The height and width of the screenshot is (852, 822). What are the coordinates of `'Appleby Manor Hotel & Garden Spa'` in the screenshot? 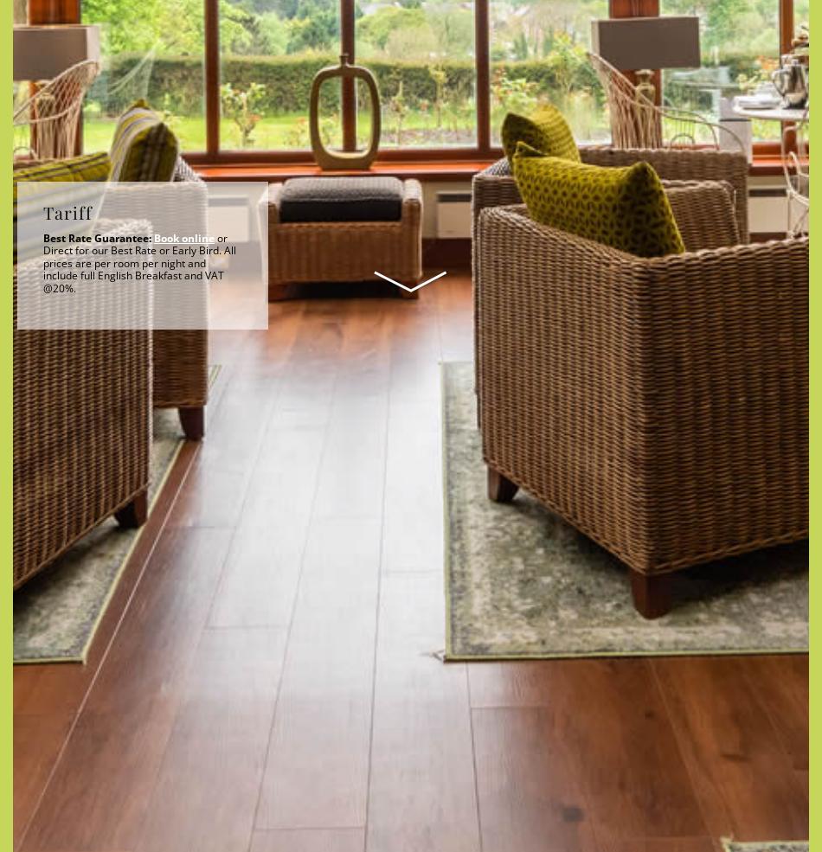 It's located at (411, 565).